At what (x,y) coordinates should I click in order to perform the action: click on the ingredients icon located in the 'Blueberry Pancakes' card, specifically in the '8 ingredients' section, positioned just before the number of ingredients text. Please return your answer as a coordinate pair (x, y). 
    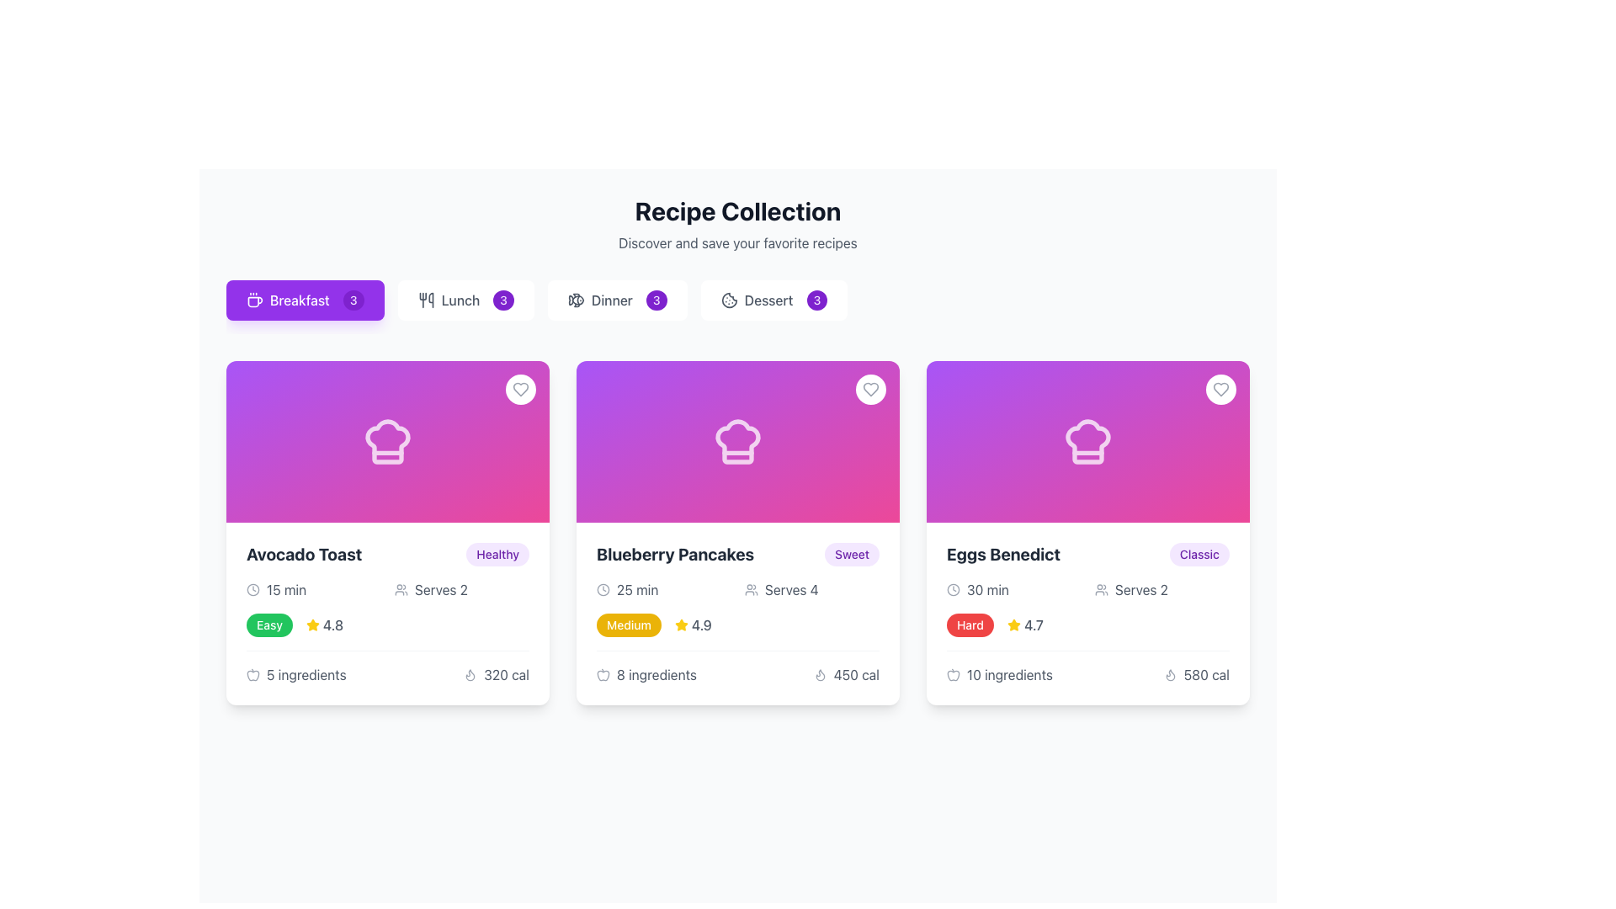
    Looking at the image, I should click on (603, 674).